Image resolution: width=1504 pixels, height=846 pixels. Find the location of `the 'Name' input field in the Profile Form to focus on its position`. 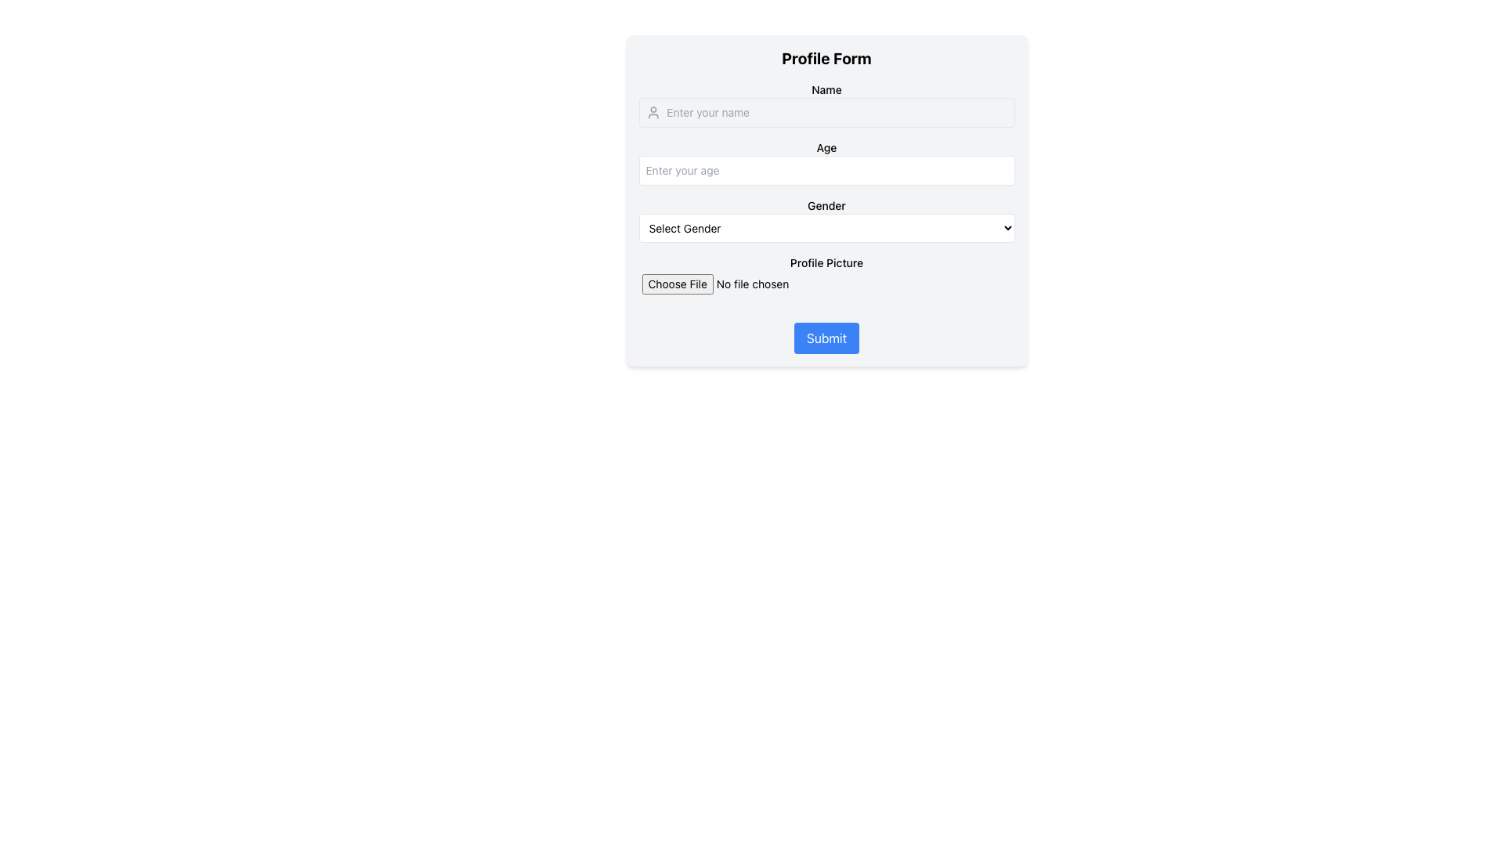

the 'Name' input field in the Profile Form to focus on its position is located at coordinates (826, 105).